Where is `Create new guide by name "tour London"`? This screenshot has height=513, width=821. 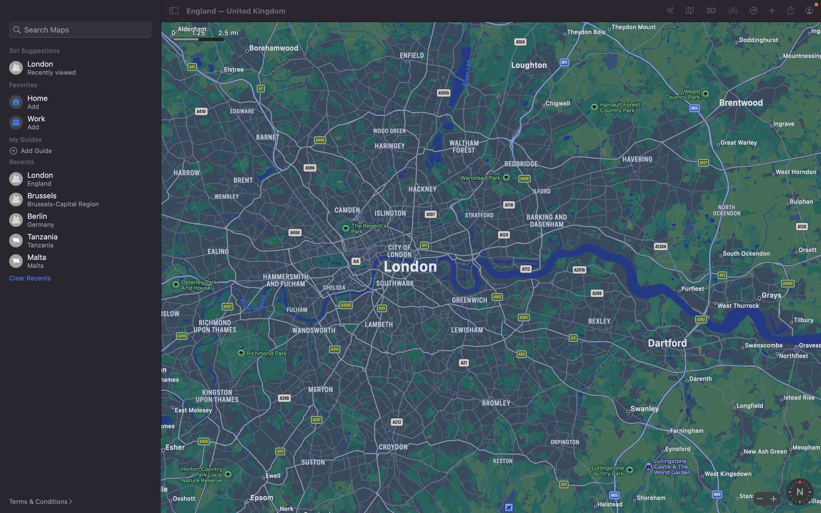 Create new guide by name "tour London" is located at coordinates (31, 278).